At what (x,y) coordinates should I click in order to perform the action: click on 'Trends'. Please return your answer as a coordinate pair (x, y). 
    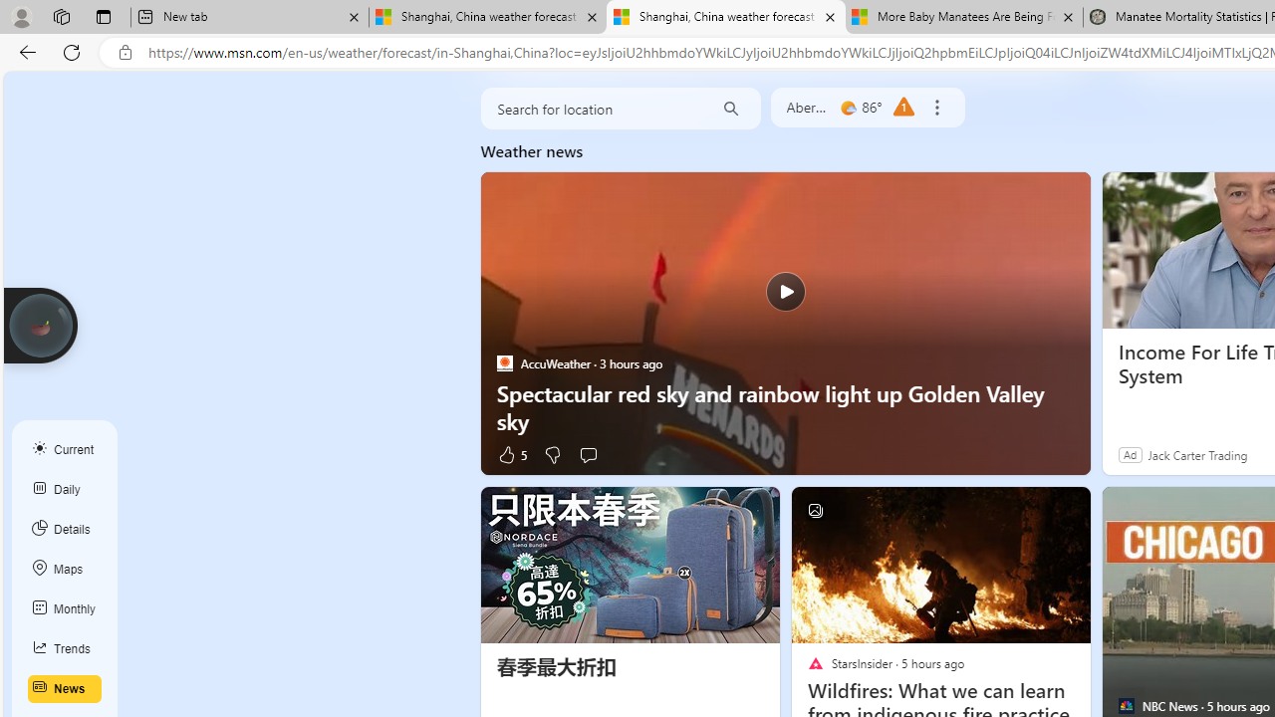
    Looking at the image, I should click on (65, 648).